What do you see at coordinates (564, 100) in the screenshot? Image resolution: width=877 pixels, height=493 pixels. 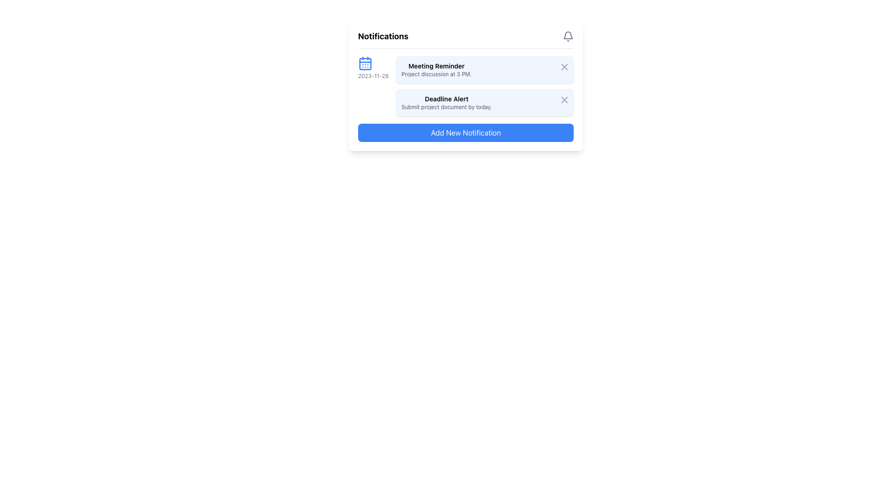 I see `the small 'X' icon button located in the second notification item titled 'Deadline Alert'` at bounding box center [564, 100].